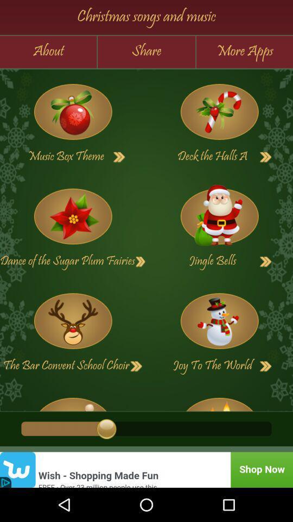 This screenshot has width=293, height=522. Describe the element at coordinates (219, 400) in the screenshot. I see `item` at that location.